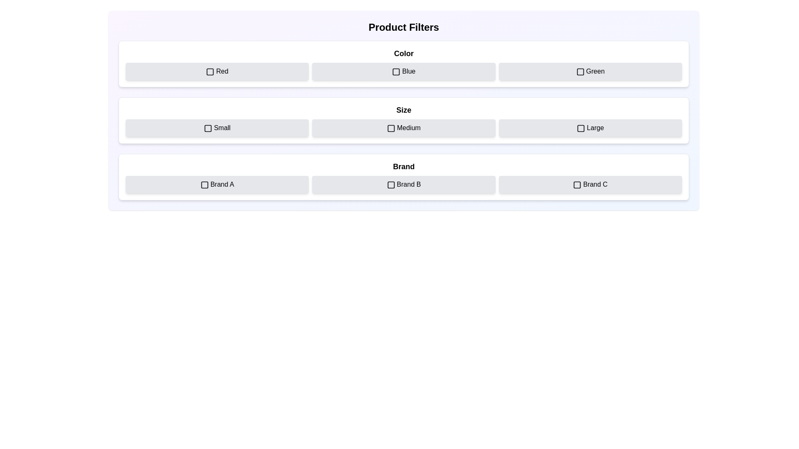 Image resolution: width=799 pixels, height=449 pixels. Describe the element at coordinates (217, 128) in the screenshot. I see `the checkbox on the 'Small' button` at that location.